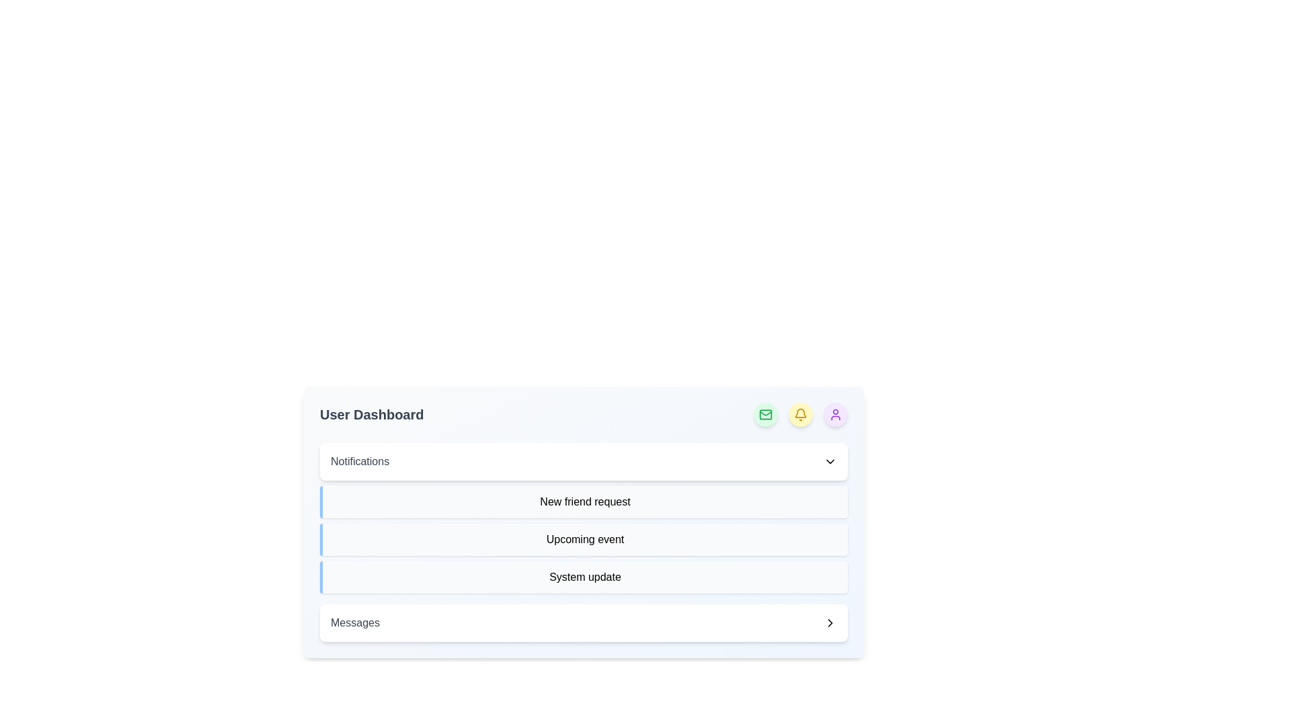 Image resolution: width=1291 pixels, height=726 pixels. Describe the element at coordinates (584, 541) in the screenshot. I see `the 'Upcoming event' list item, which is the second option in the Notifications section` at that location.